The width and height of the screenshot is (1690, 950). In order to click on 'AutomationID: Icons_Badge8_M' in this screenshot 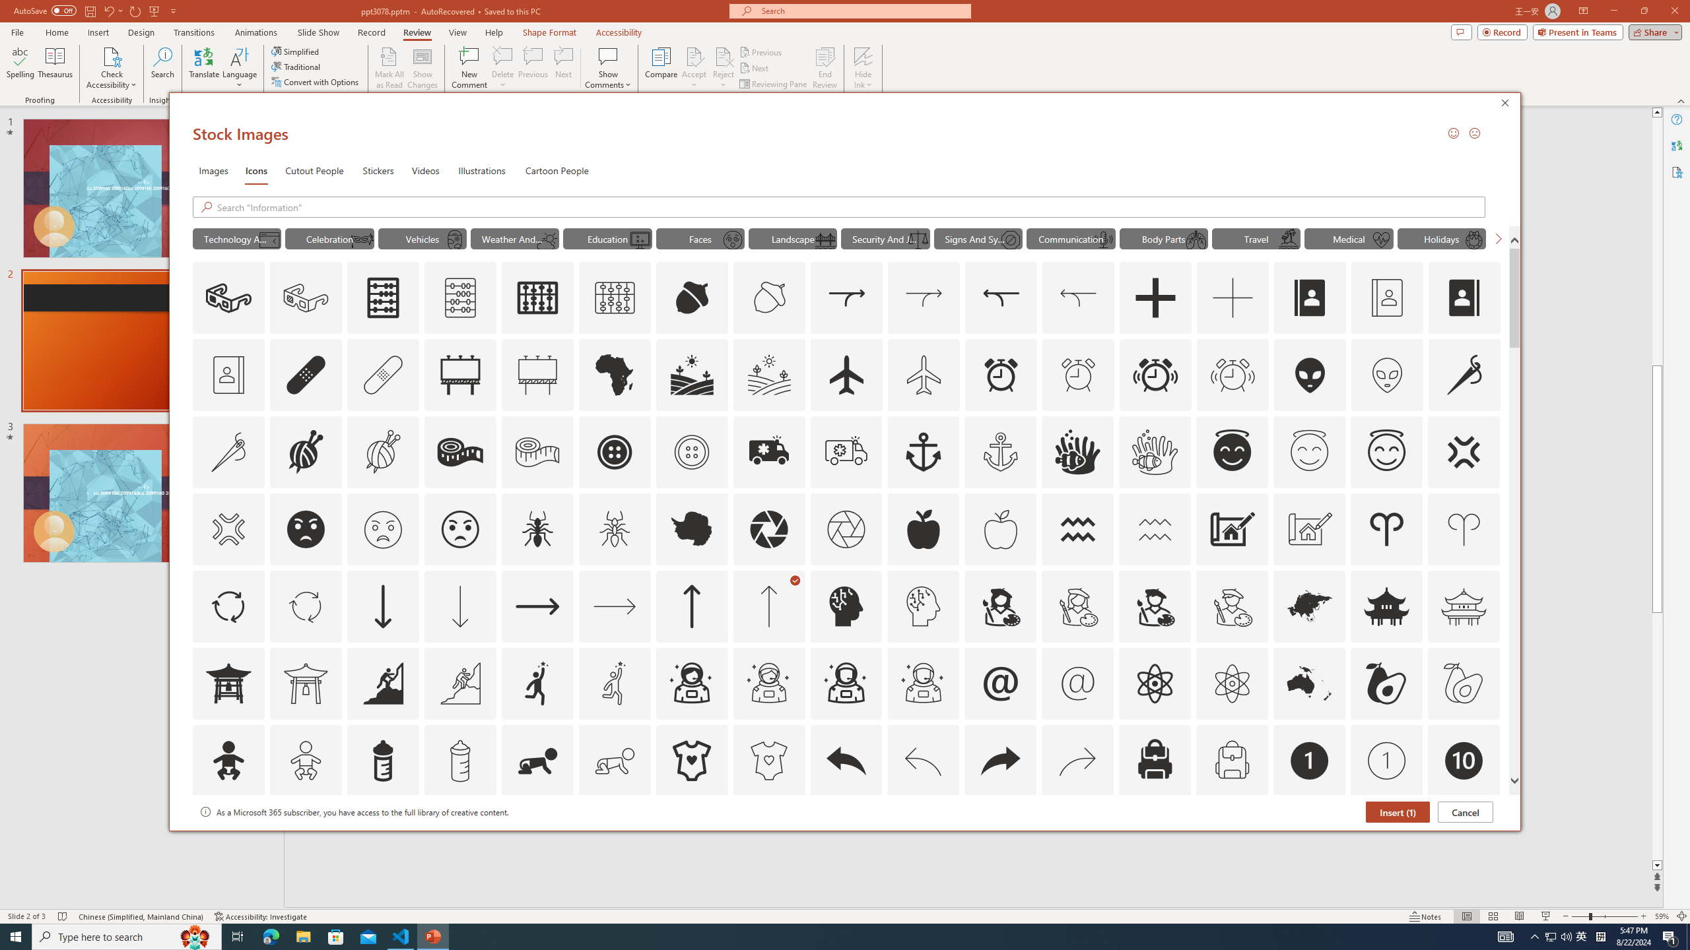, I will do `click(1310, 837)`.